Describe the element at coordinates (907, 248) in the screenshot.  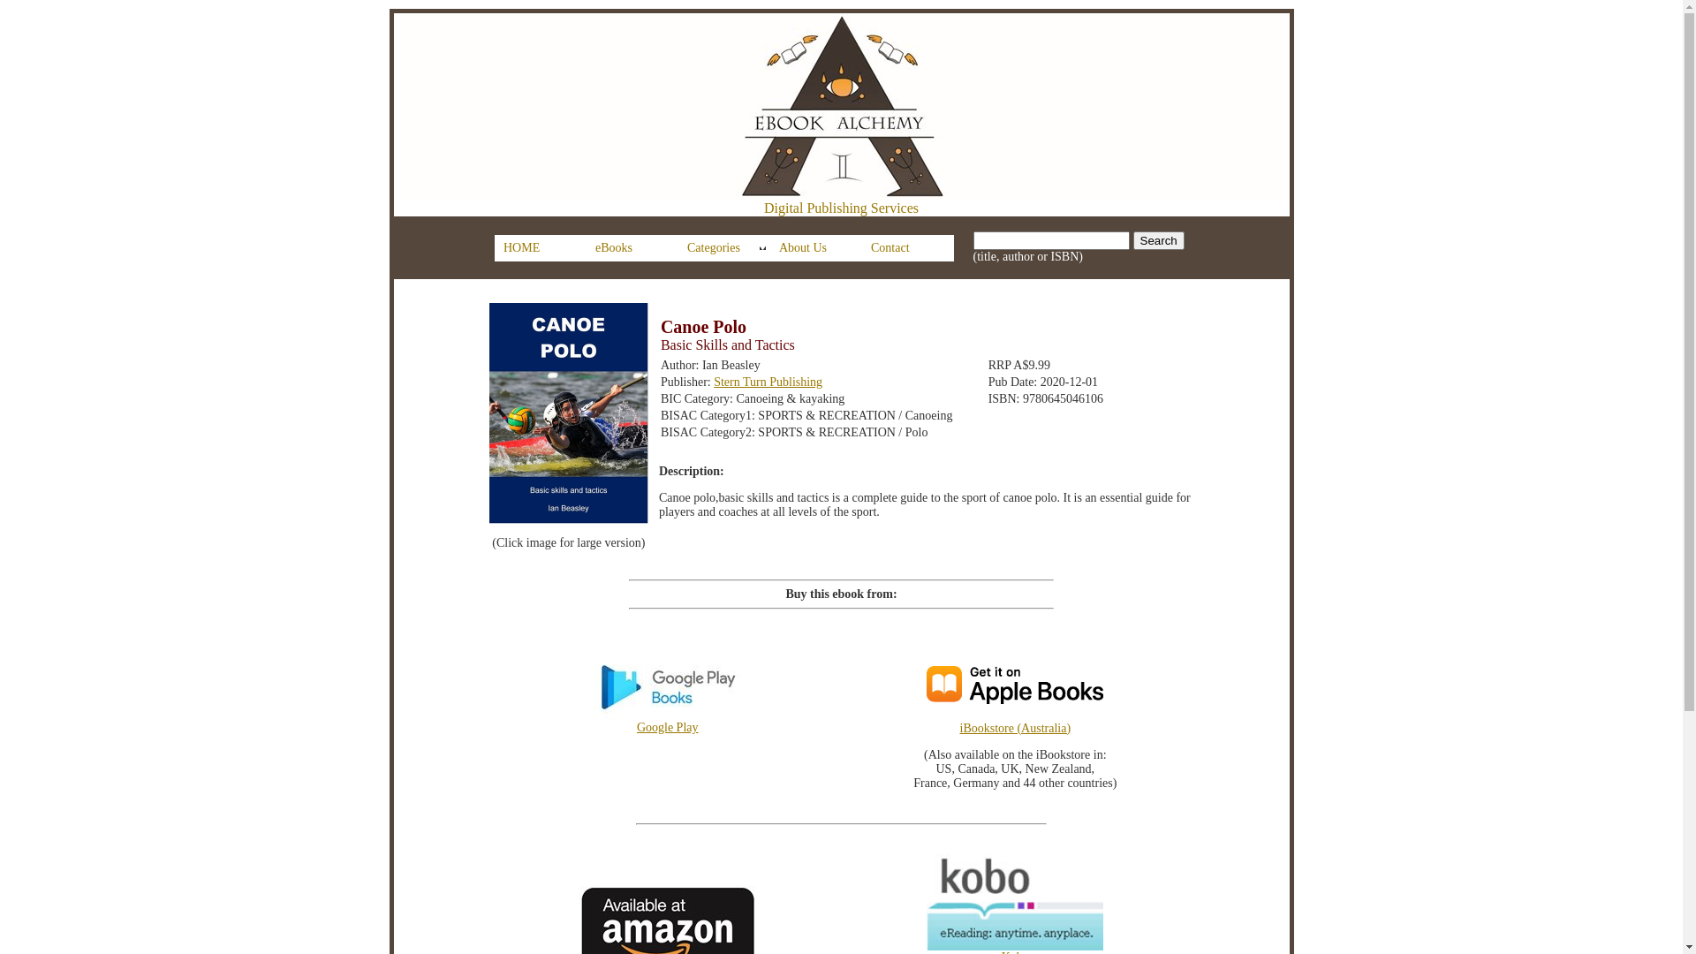
I see `'Contact'` at that location.